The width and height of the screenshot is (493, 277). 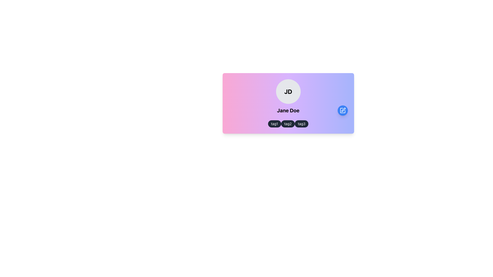 What do you see at coordinates (301, 124) in the screenshot?
I see `the details of the third tag from the left in the horizontal group of tags located below the profile card` at bounding box center [301, 124].